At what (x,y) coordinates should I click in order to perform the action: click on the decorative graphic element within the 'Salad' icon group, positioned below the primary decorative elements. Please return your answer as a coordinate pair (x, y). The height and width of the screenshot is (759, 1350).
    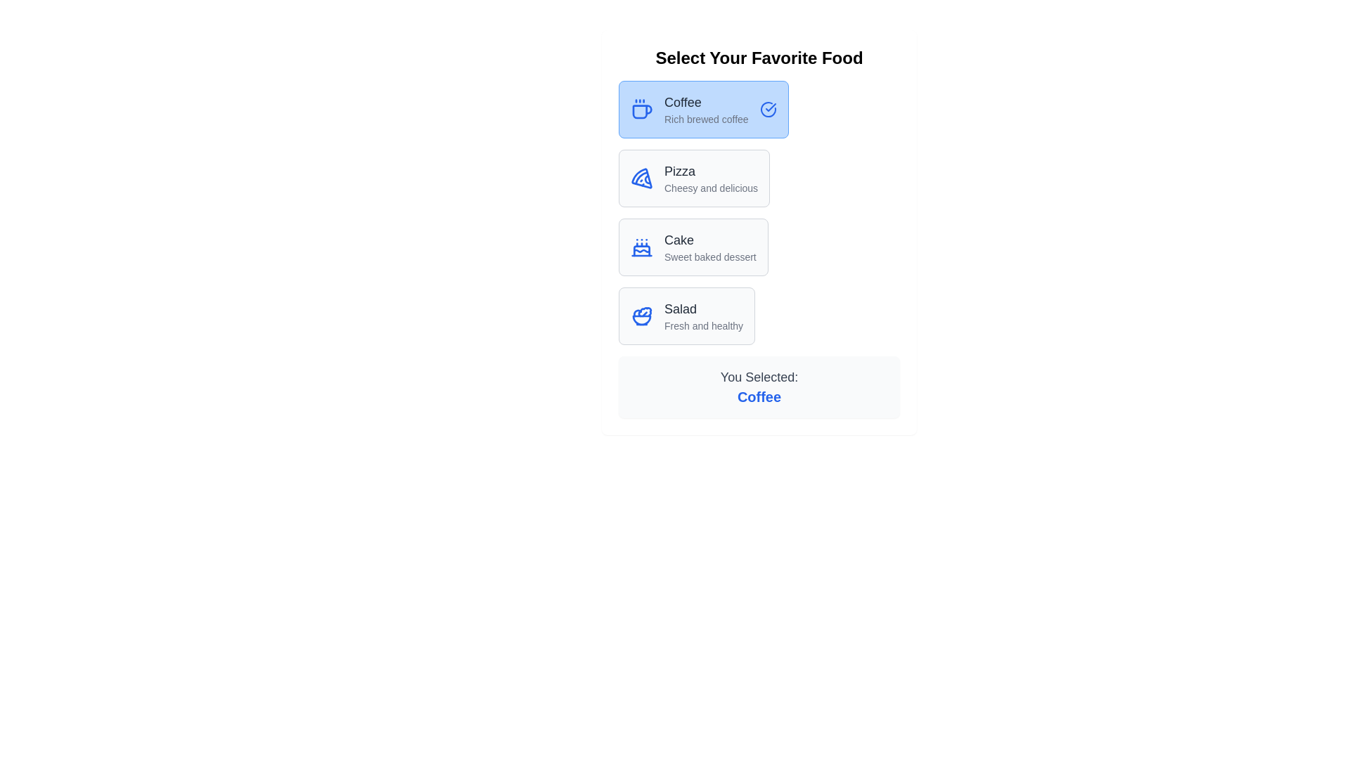
    Looking at the image, I should click on (641, 320).